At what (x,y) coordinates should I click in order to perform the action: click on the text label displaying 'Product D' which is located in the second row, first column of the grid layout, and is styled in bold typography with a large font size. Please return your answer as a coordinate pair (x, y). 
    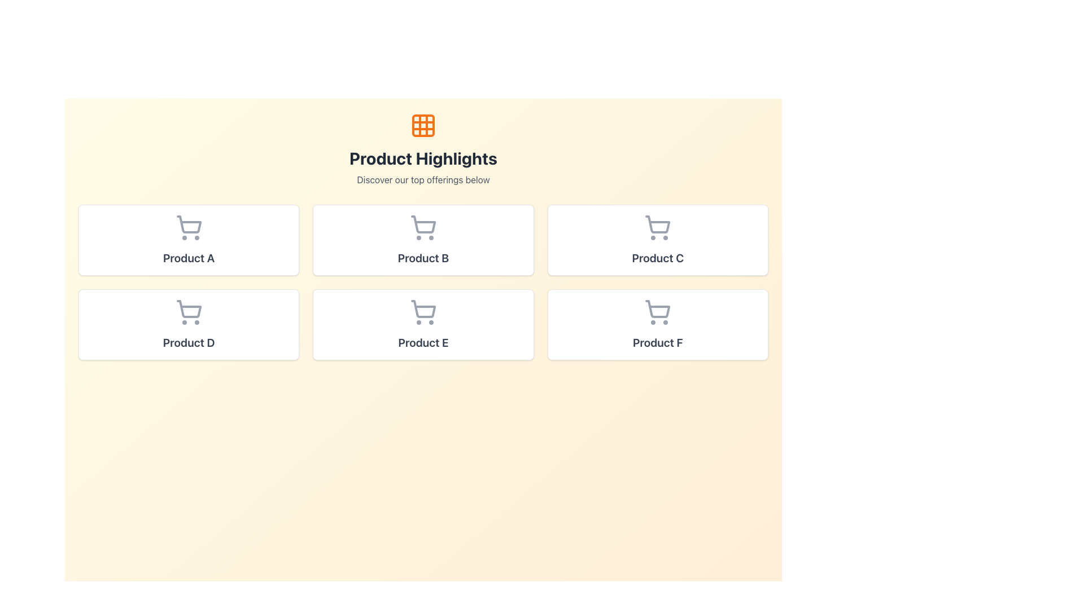
    Looking at the image, I should click on (189, 342).